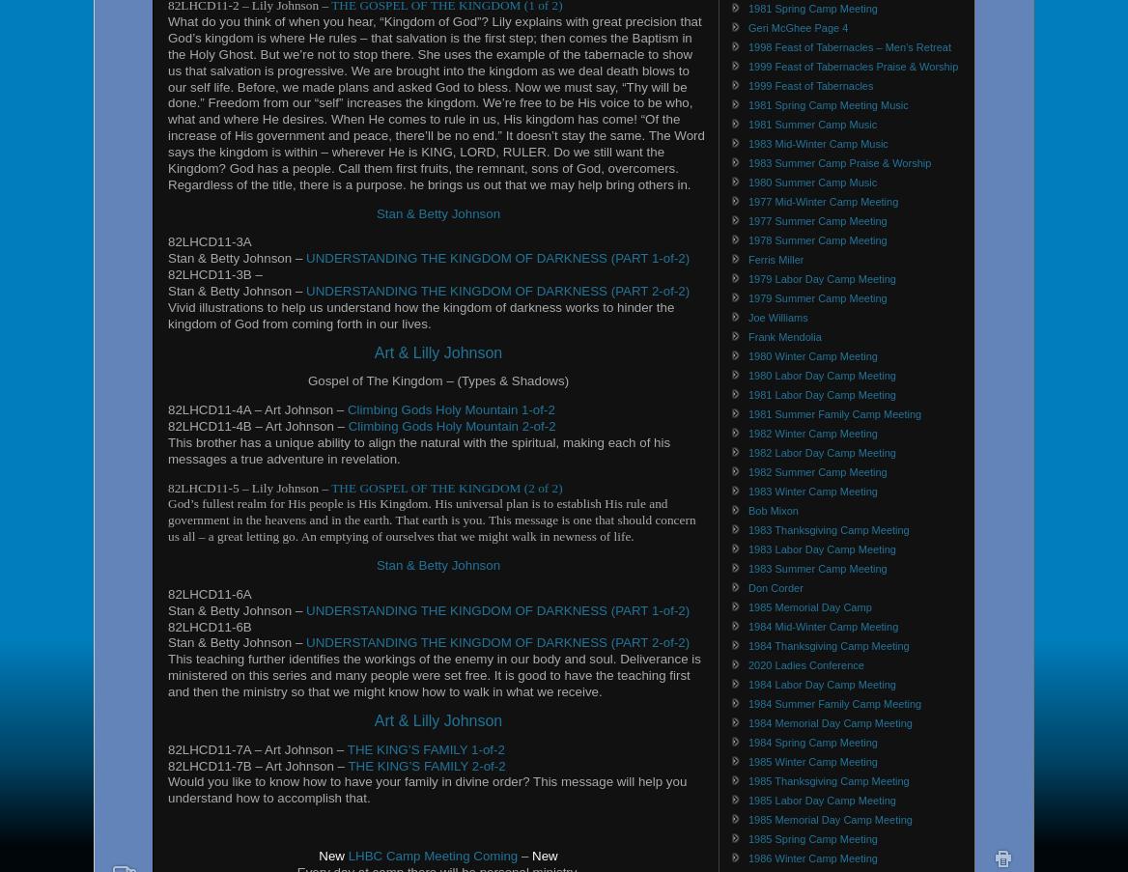 This screenshot has width=1128, height=872. I want to click on '82LHCD11-7B – Art Johnson –', so click(257, 764).